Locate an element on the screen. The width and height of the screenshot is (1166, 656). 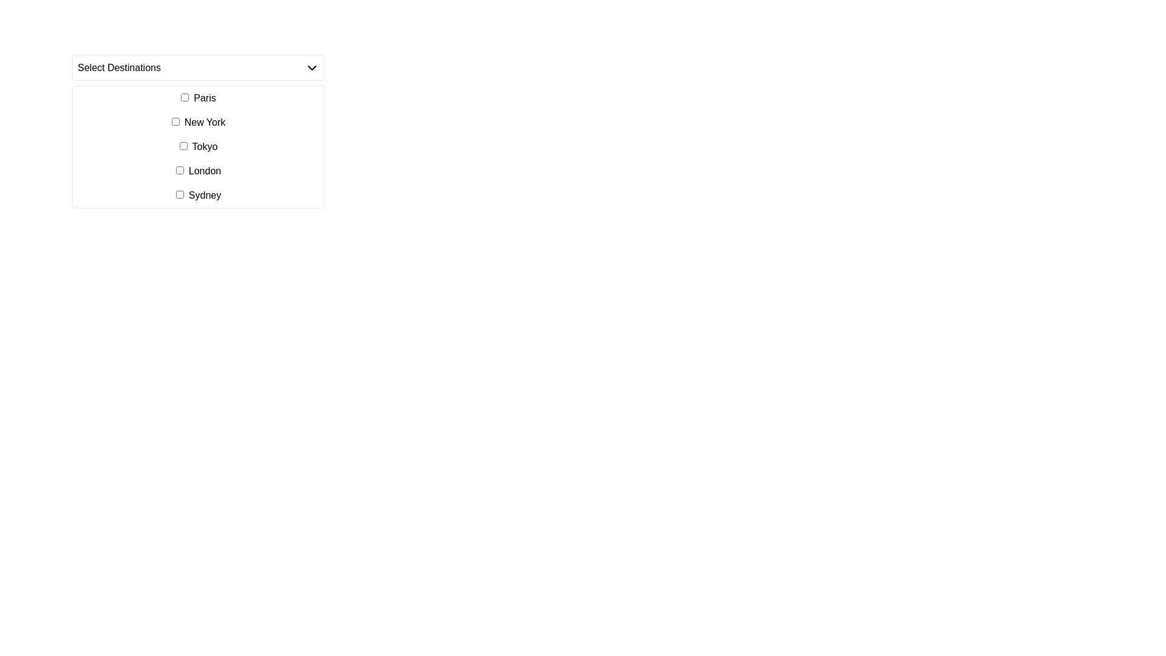
label for the checkbox displaying 'Tokyo' in the dropdown menu titled 'Select Destinations.' is located at coordinates (205, 146).